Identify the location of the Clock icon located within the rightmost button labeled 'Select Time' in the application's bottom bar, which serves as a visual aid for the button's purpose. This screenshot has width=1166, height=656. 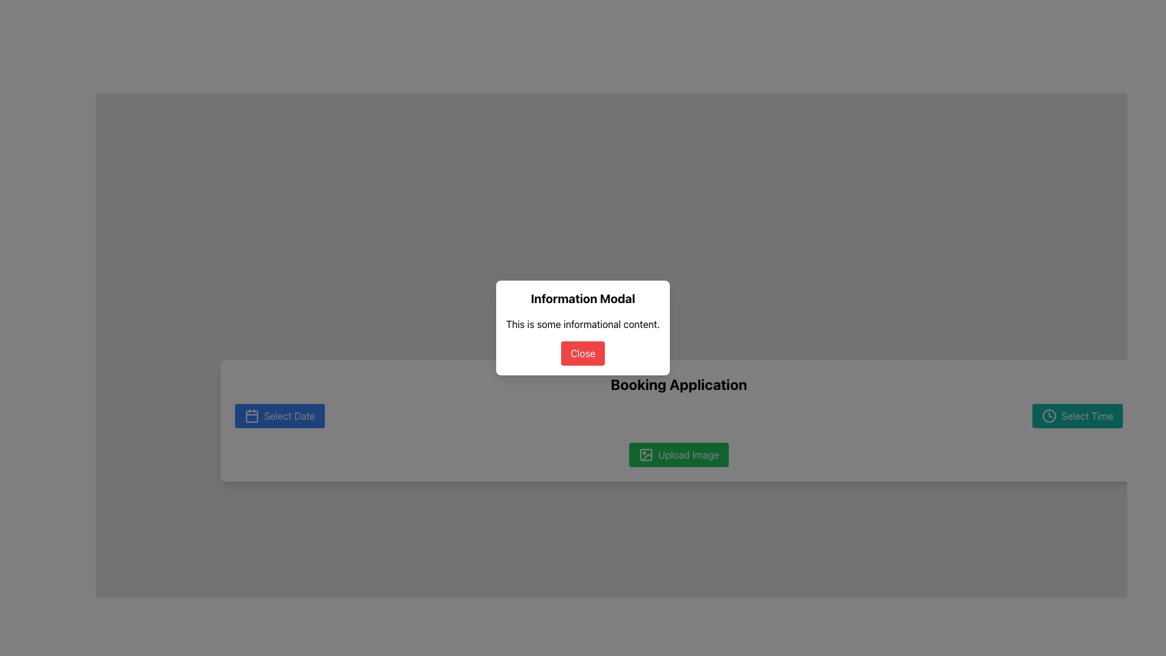
(1048, 415).